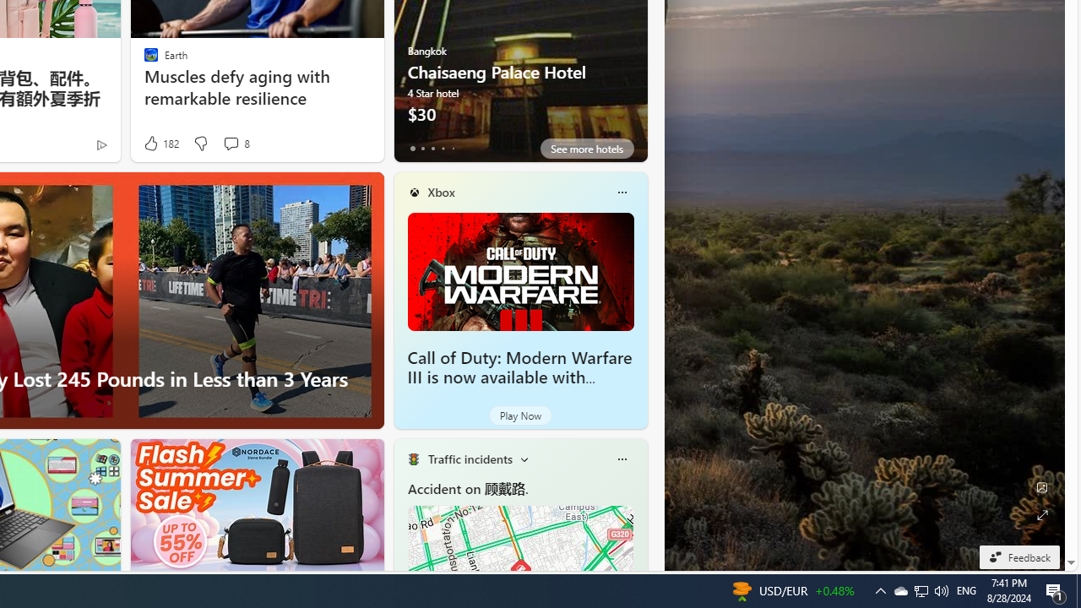  Describe the element at coordinates (523, 459) in the screenshot. I see `'Change scenarios'` at that location.